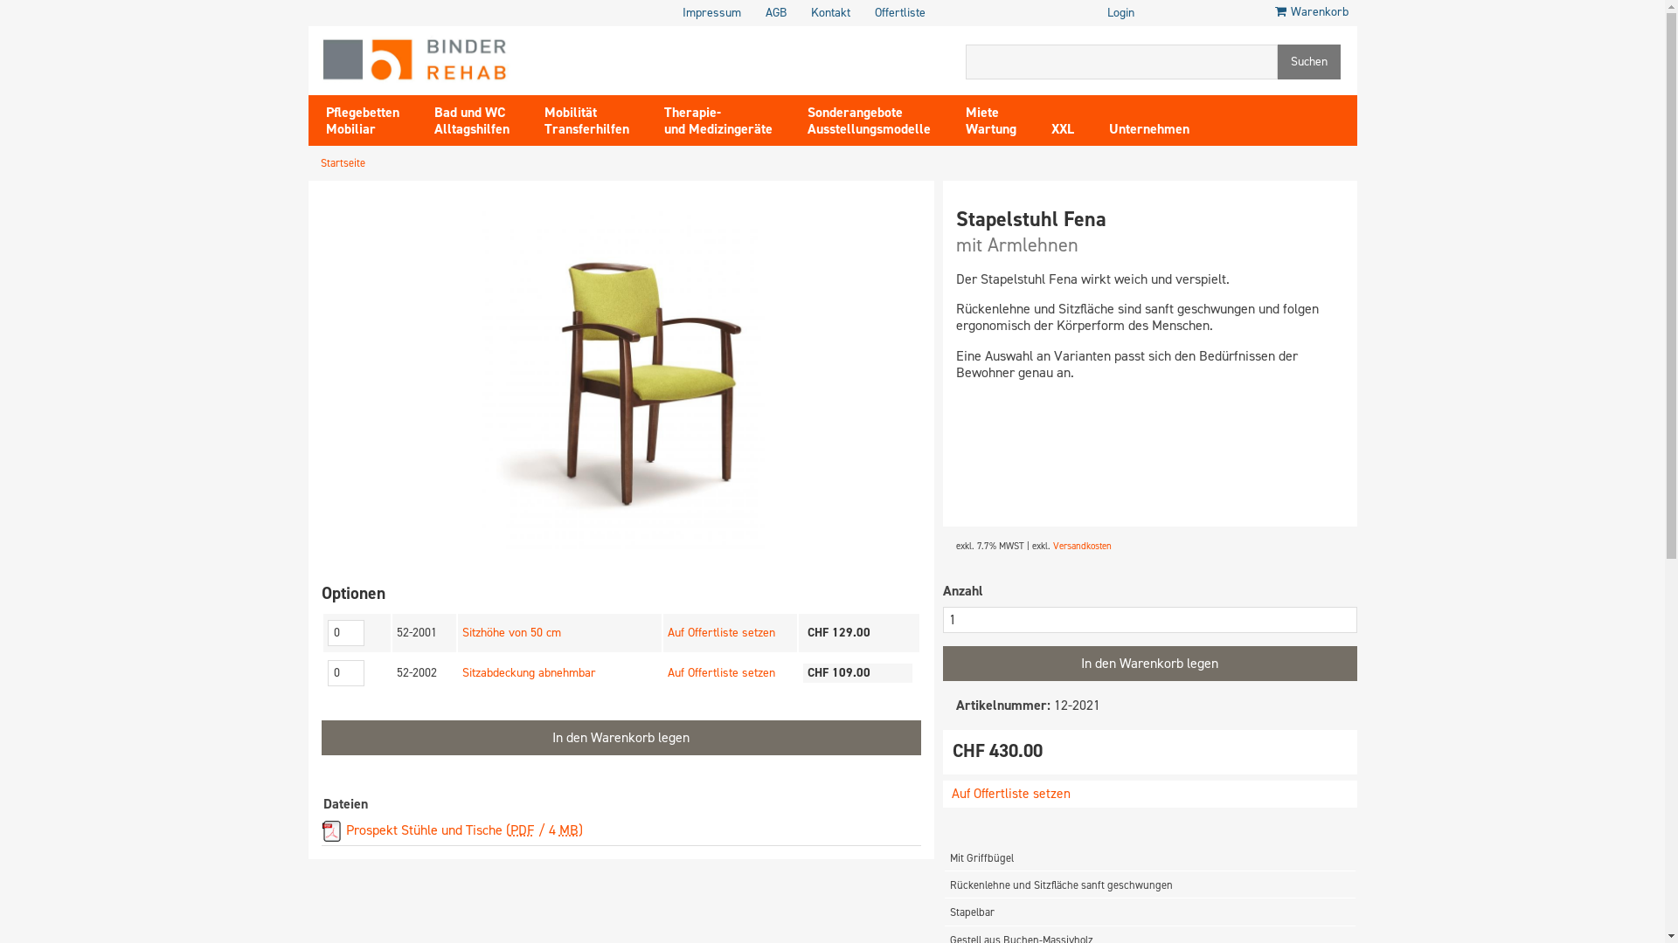 Image resolution: width=1678 pixels, height=943 pixels. What do you see at coordinates (1148, 119) in the screenshot?
I see `'Unternehmen'` at bounding box center [1148, 119].